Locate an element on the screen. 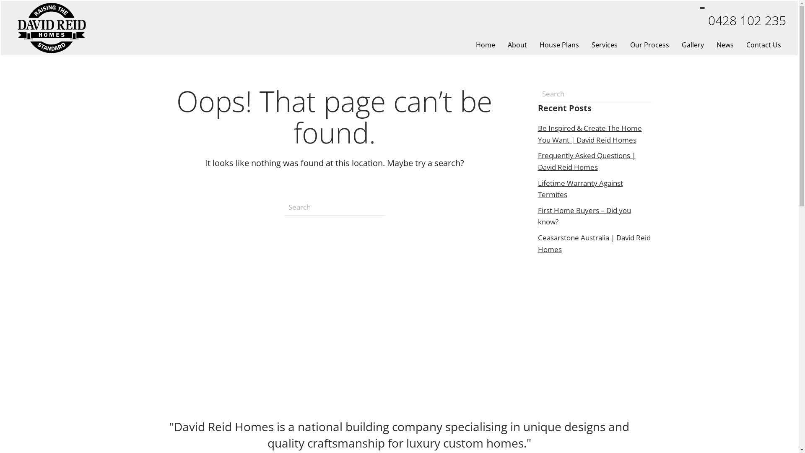  'Our Process' is located at coordinates (649, 45).